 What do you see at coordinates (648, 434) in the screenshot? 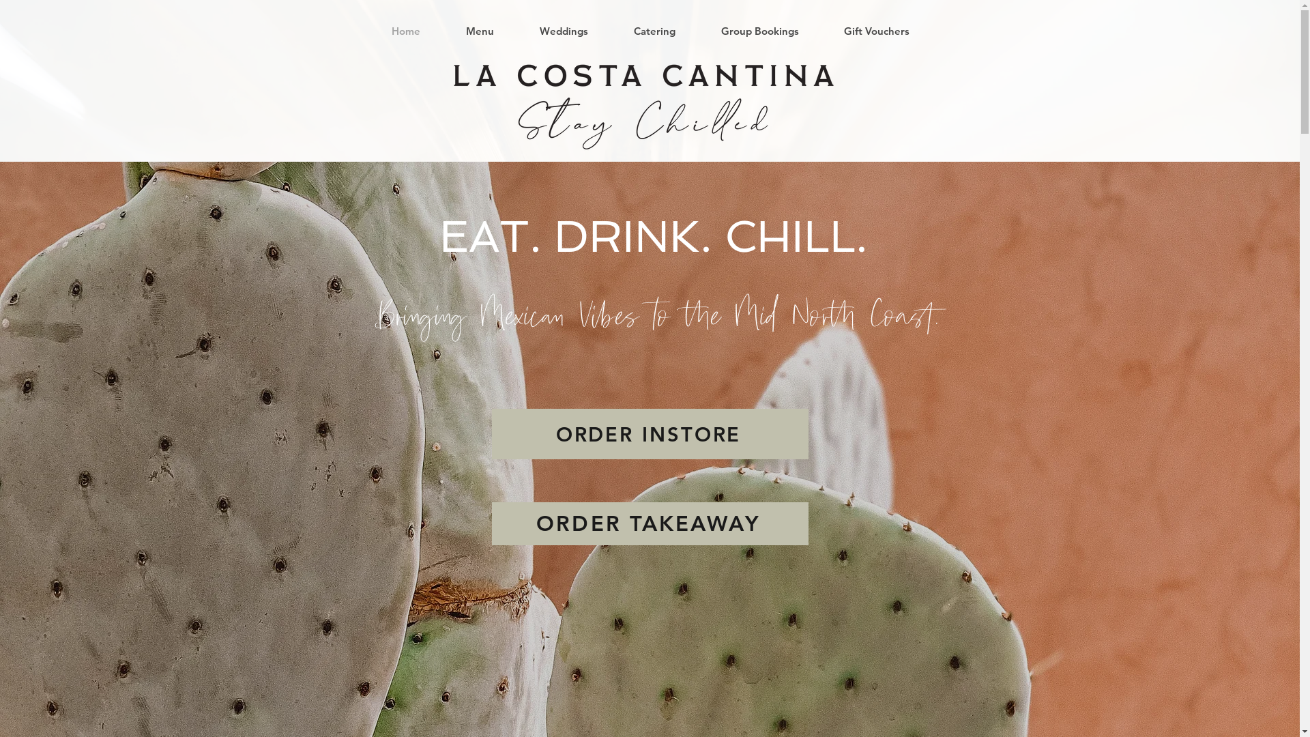
I see `'ORDER INSTORE'` at bounding box center [648, 434].